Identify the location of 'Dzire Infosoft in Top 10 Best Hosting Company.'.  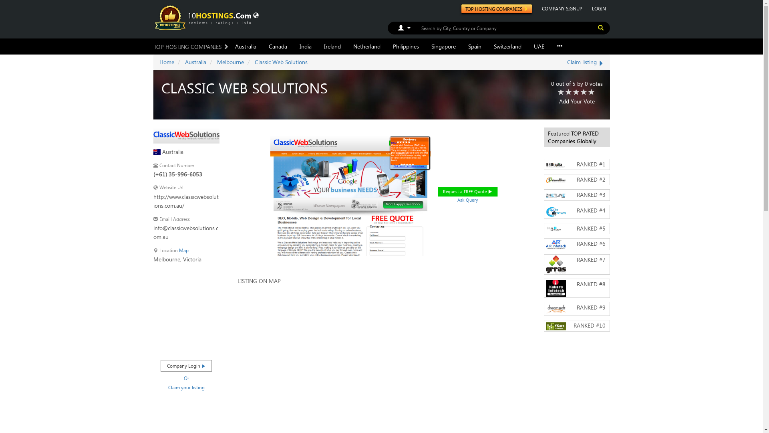
(555, 229).